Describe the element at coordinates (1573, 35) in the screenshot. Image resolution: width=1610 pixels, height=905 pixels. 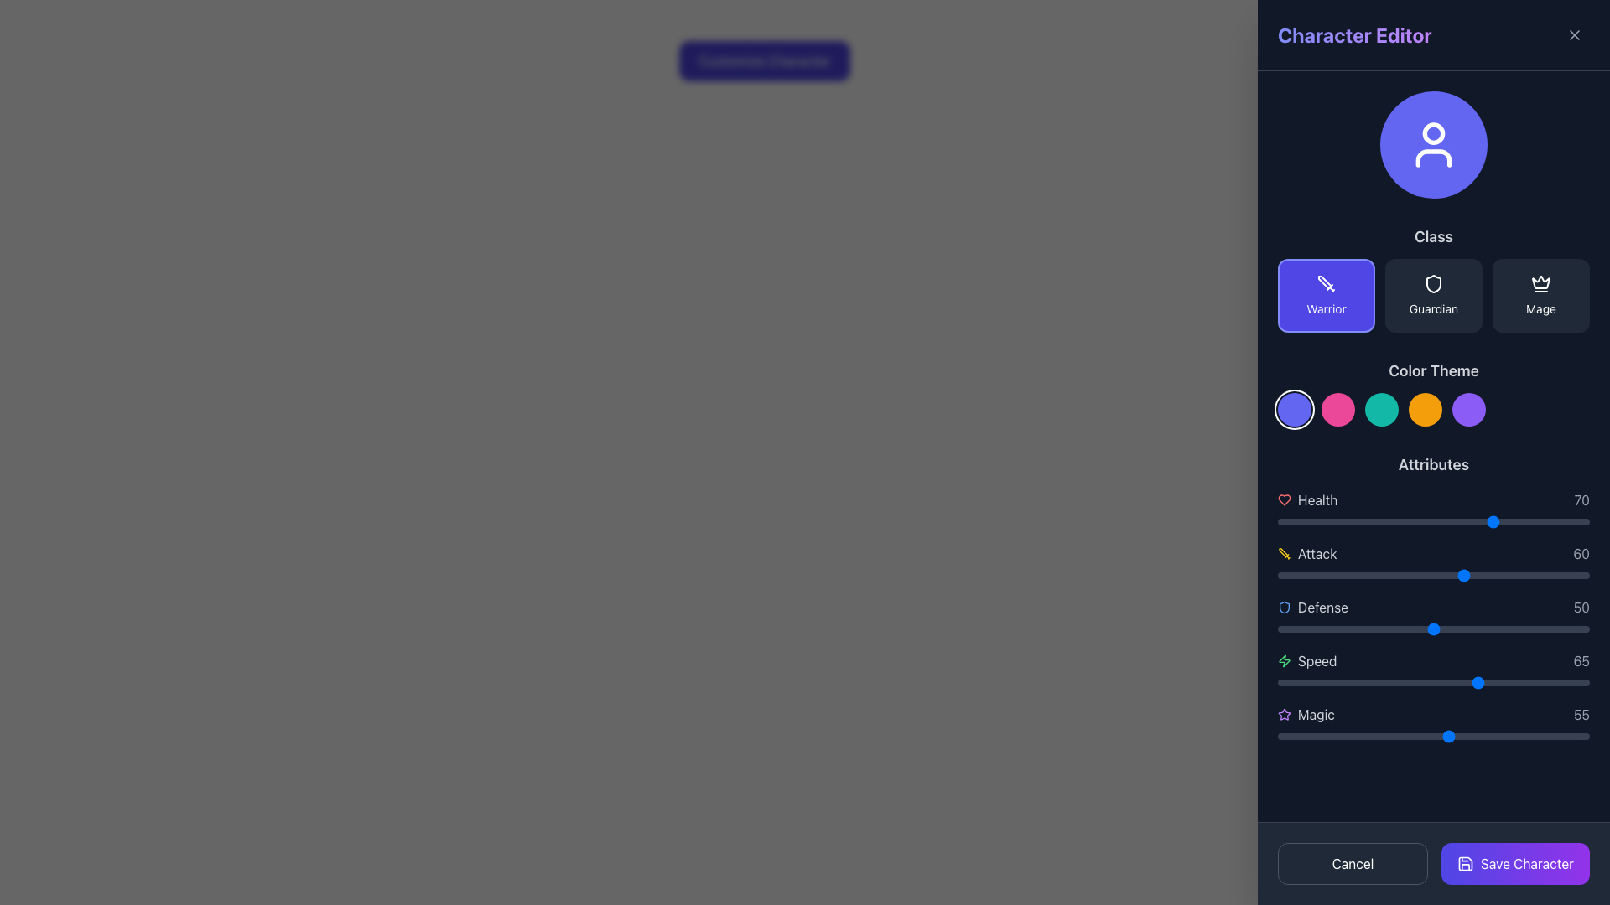
I see `the close button located in the top-right corner of the 'Character Editor' panel` at that location.